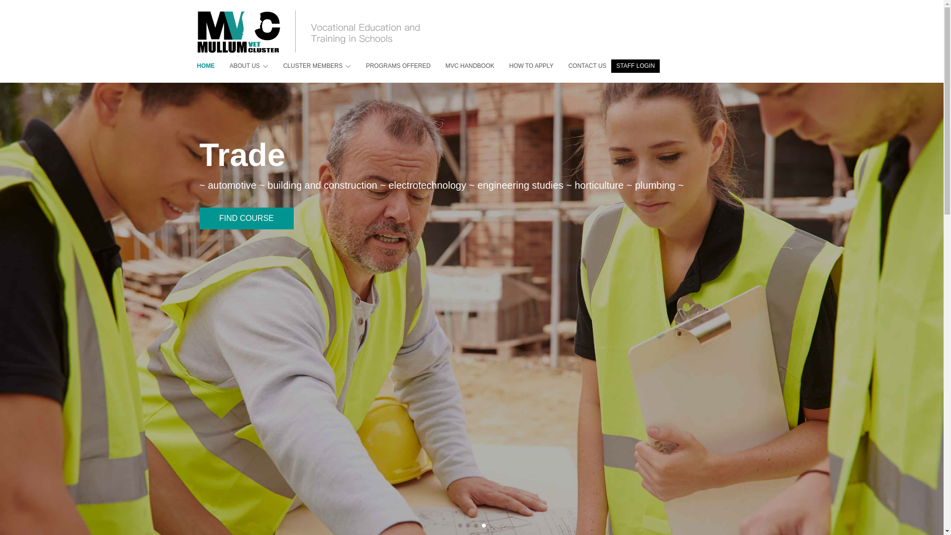  What do you see at coordinates (246, 232) in the screenshot?
I see `'FIND COURSE'` at bounding box center [246, 232].